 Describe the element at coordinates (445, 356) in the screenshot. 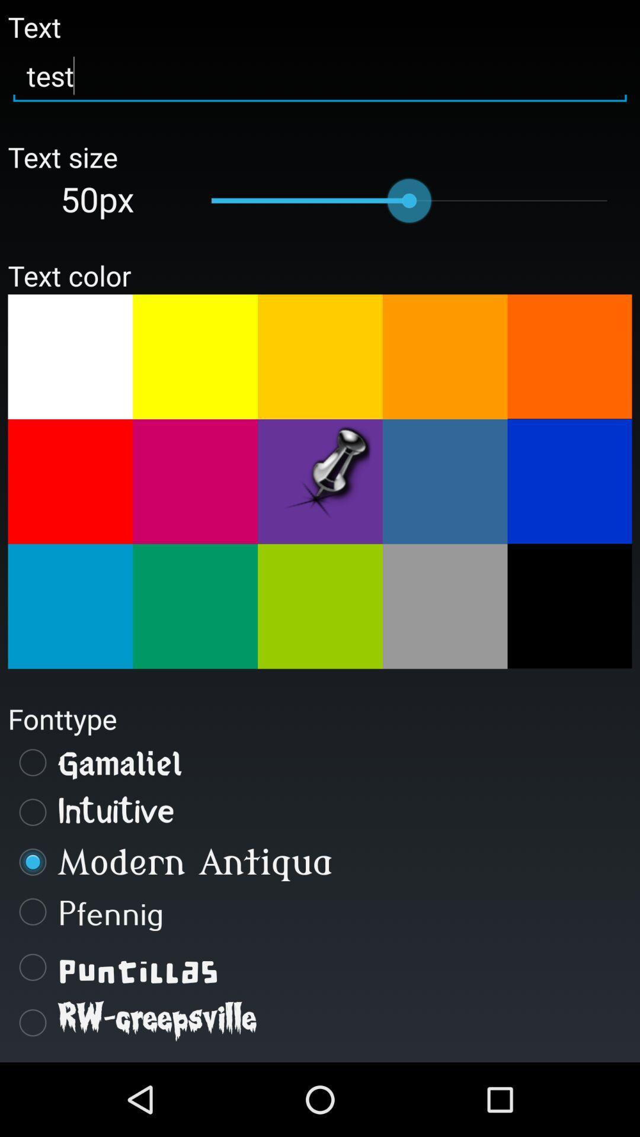

I see `text color` at that location.